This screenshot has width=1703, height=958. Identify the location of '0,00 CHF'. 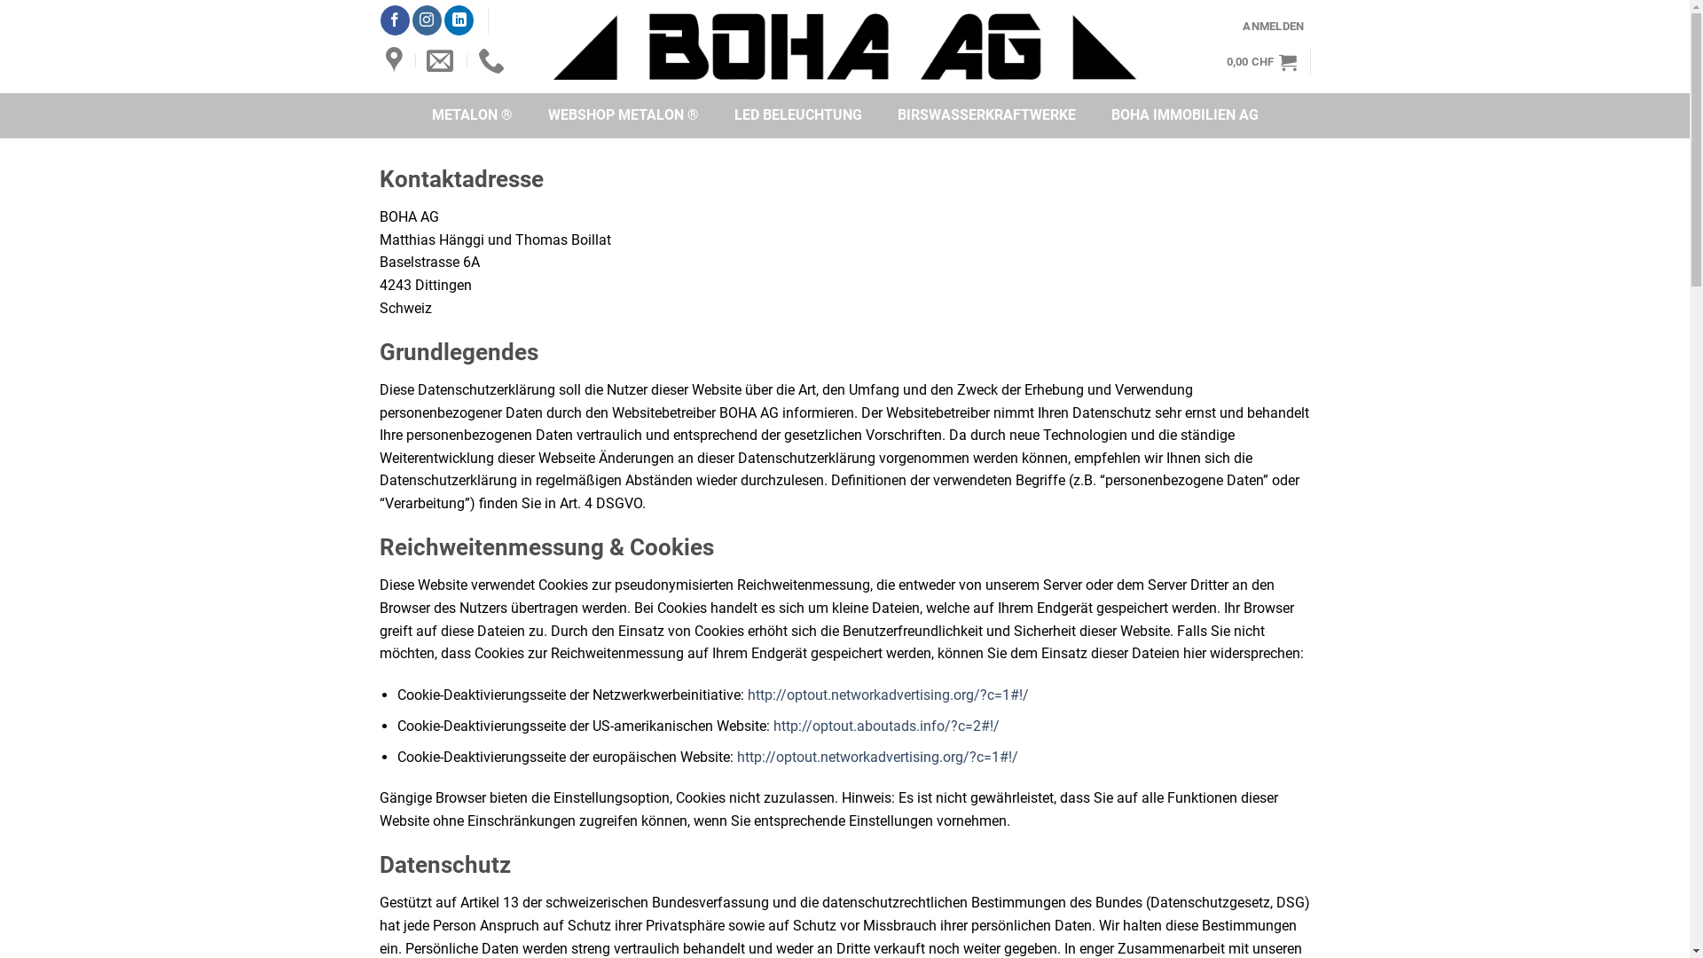
(1260, 60).